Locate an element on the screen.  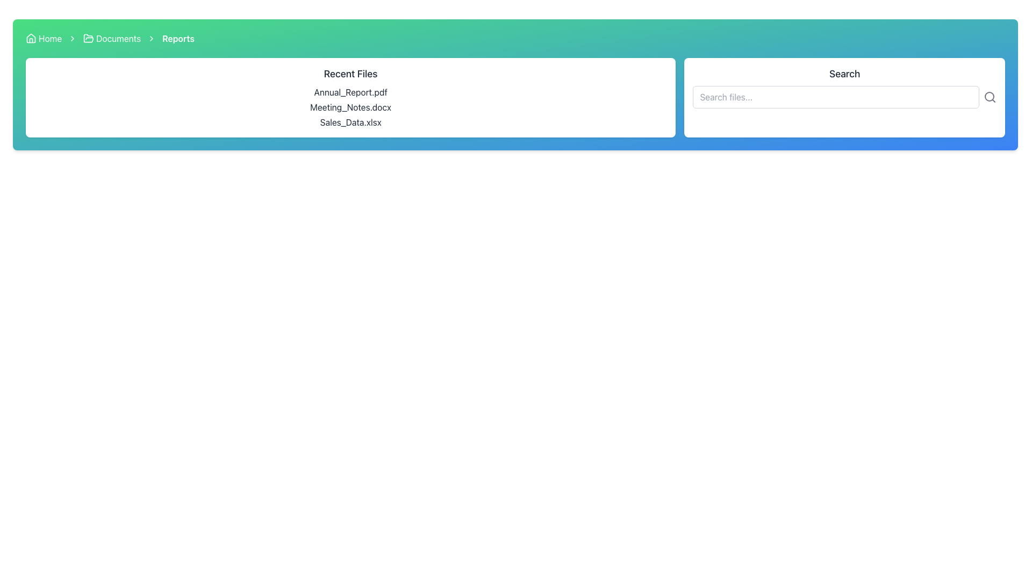
the text label displaying 'Meeting_Notes.docx' within the 'Recent Files' section, located in the center-left of the page is located at coordinates (350, 107).